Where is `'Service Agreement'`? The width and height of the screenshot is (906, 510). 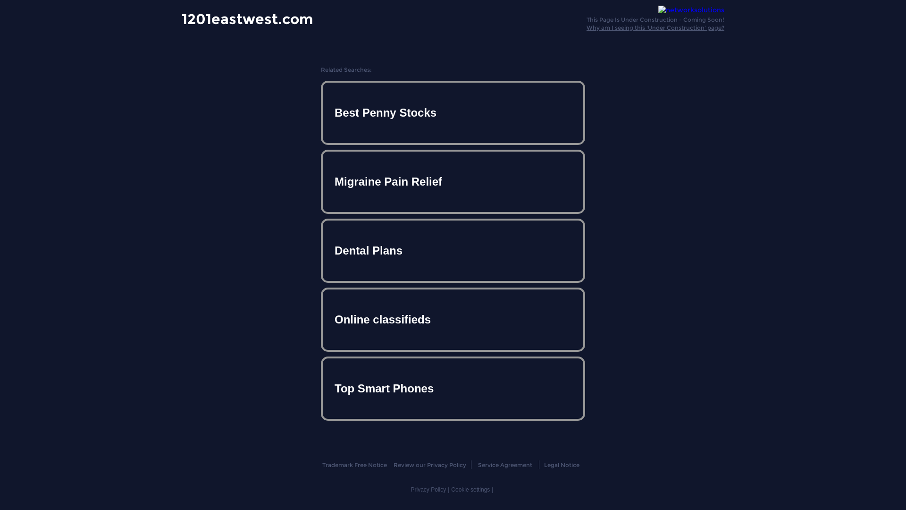 'Service Agreement' is located at coordinates (504, 464).